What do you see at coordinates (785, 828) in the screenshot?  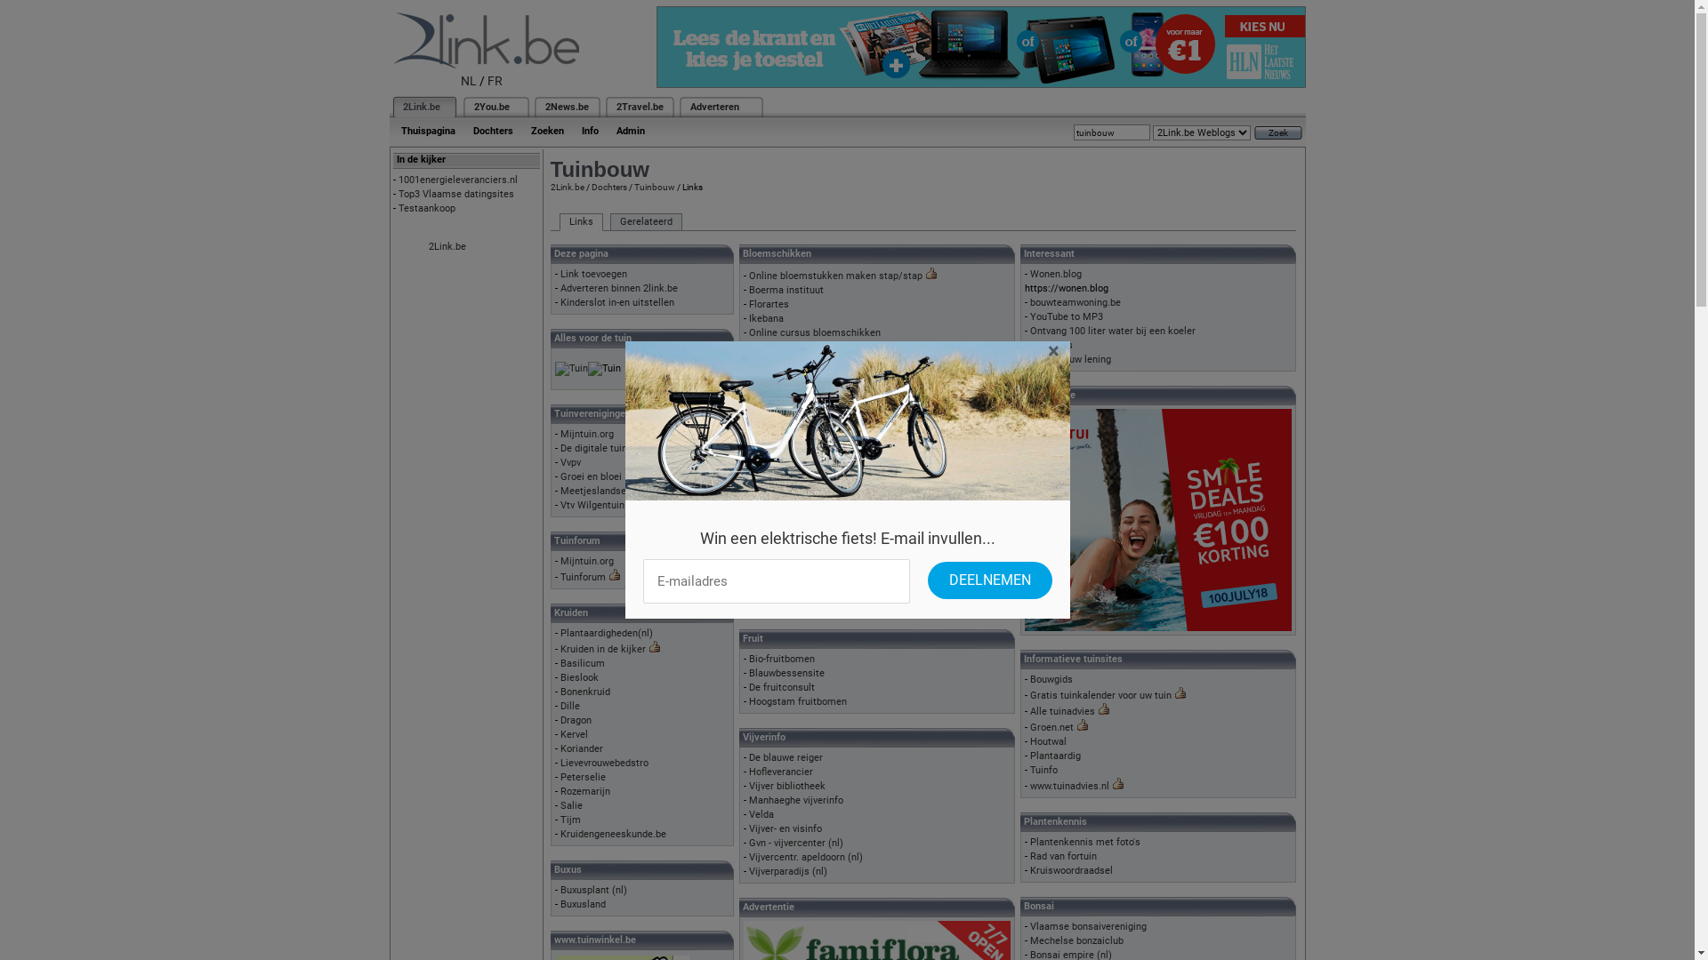 I see `'Vijver- en visinfo'` at bounding box center [785, 828].